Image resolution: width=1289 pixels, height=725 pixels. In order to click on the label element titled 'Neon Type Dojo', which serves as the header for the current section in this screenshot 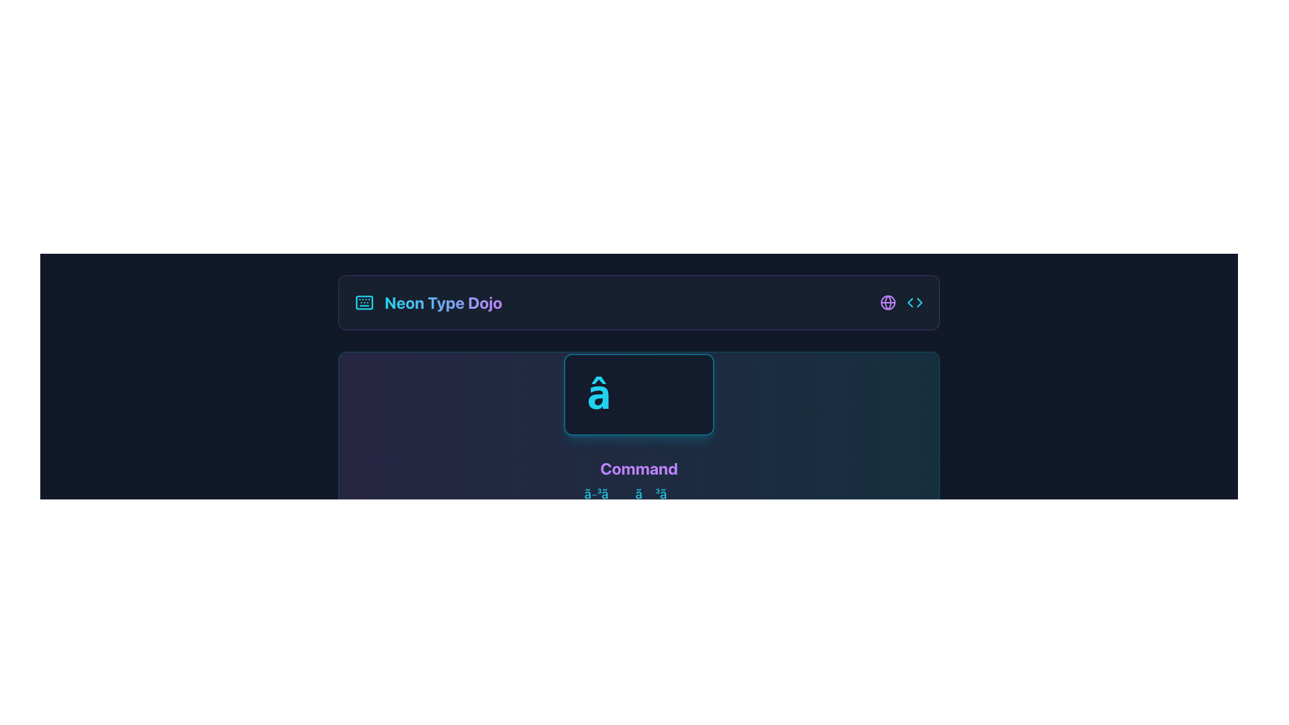, I will do `click(428, 303)`.